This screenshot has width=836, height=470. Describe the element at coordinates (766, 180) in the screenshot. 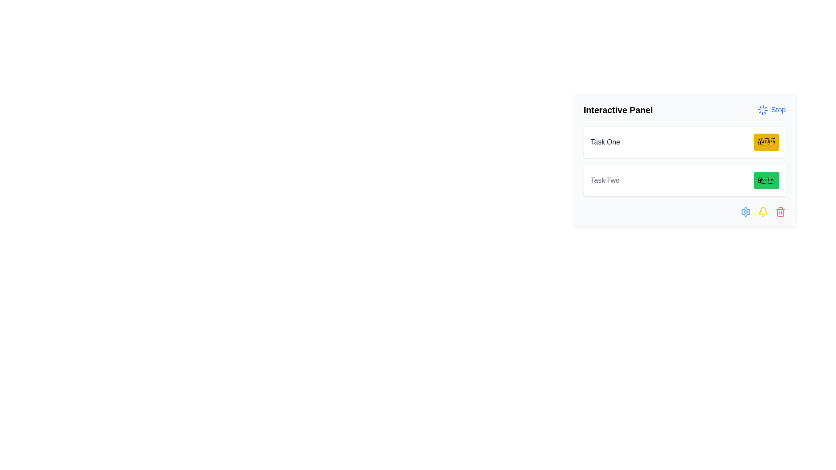

I see `the button on the right side of the 'Task Two' section to mark the task as done` at that location.